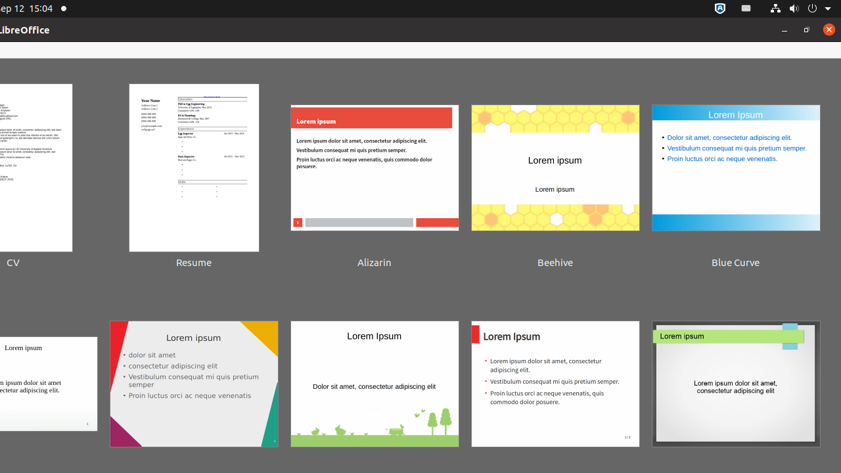 This screenshot has height=473, width=841. Describe the element at coordinates (746, 9) in the screenshot. I see `':1.21/StatusNotifierItem'` at that location.